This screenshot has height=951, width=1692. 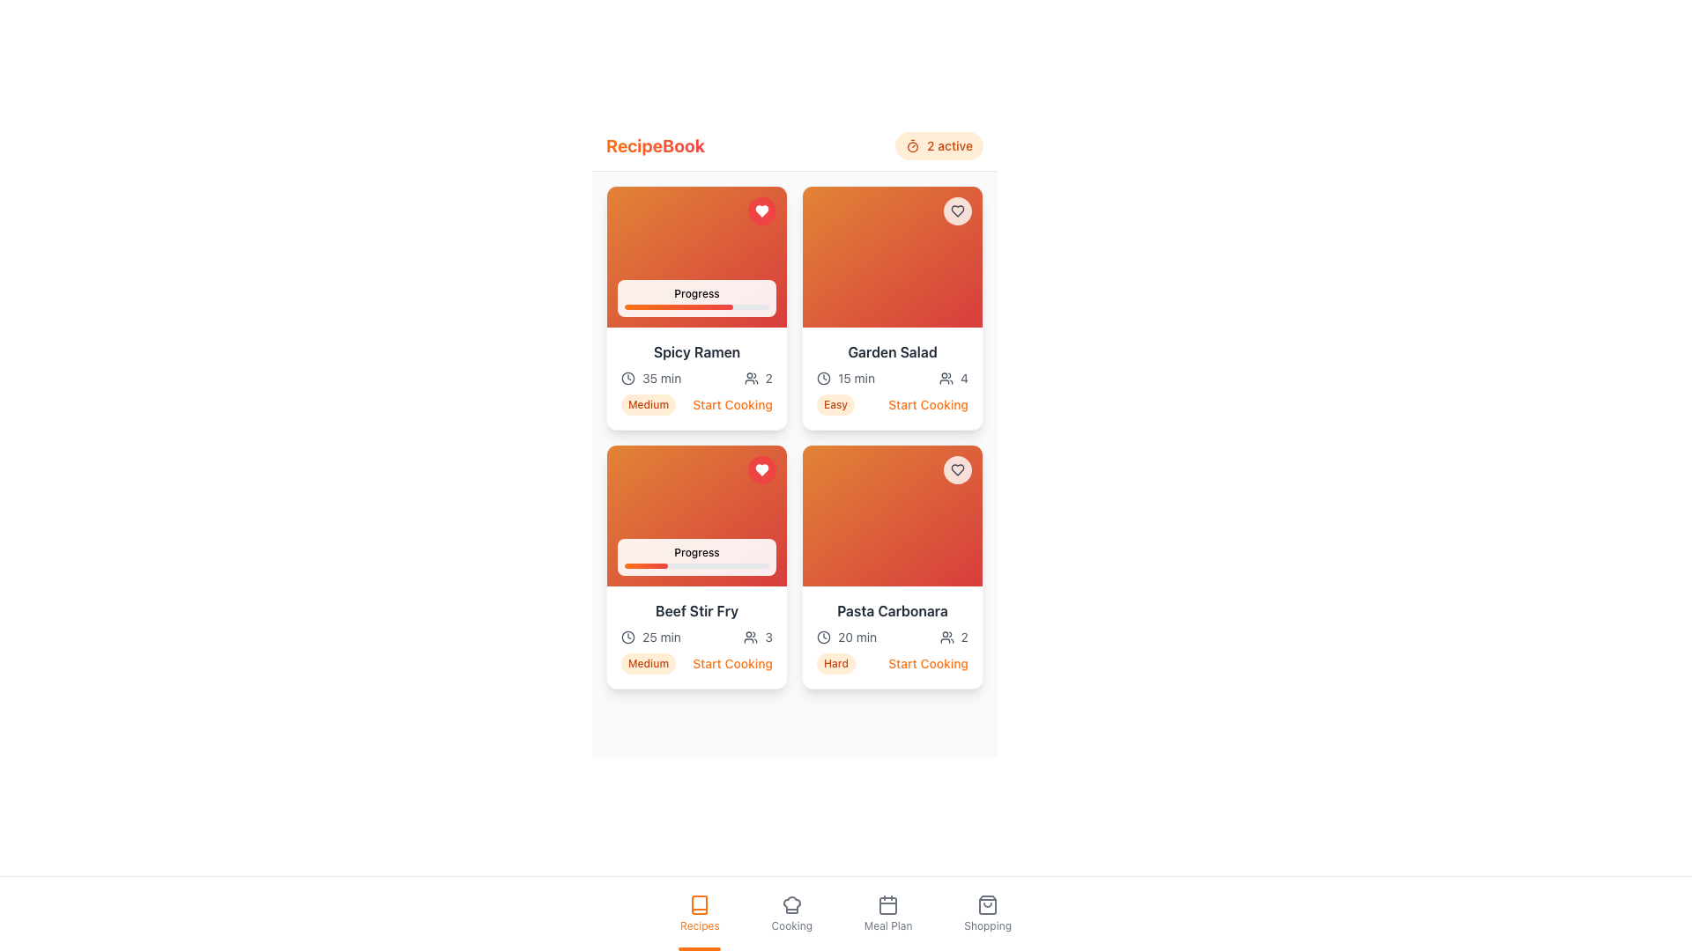 I want to click on cooking time and serving information displayed in the Metadata section of the 'Spicy Ramen' recipe card, located under the main title and aligned with the difficulty badge and 'Start Cooking' button, so click(x=696, y=377).